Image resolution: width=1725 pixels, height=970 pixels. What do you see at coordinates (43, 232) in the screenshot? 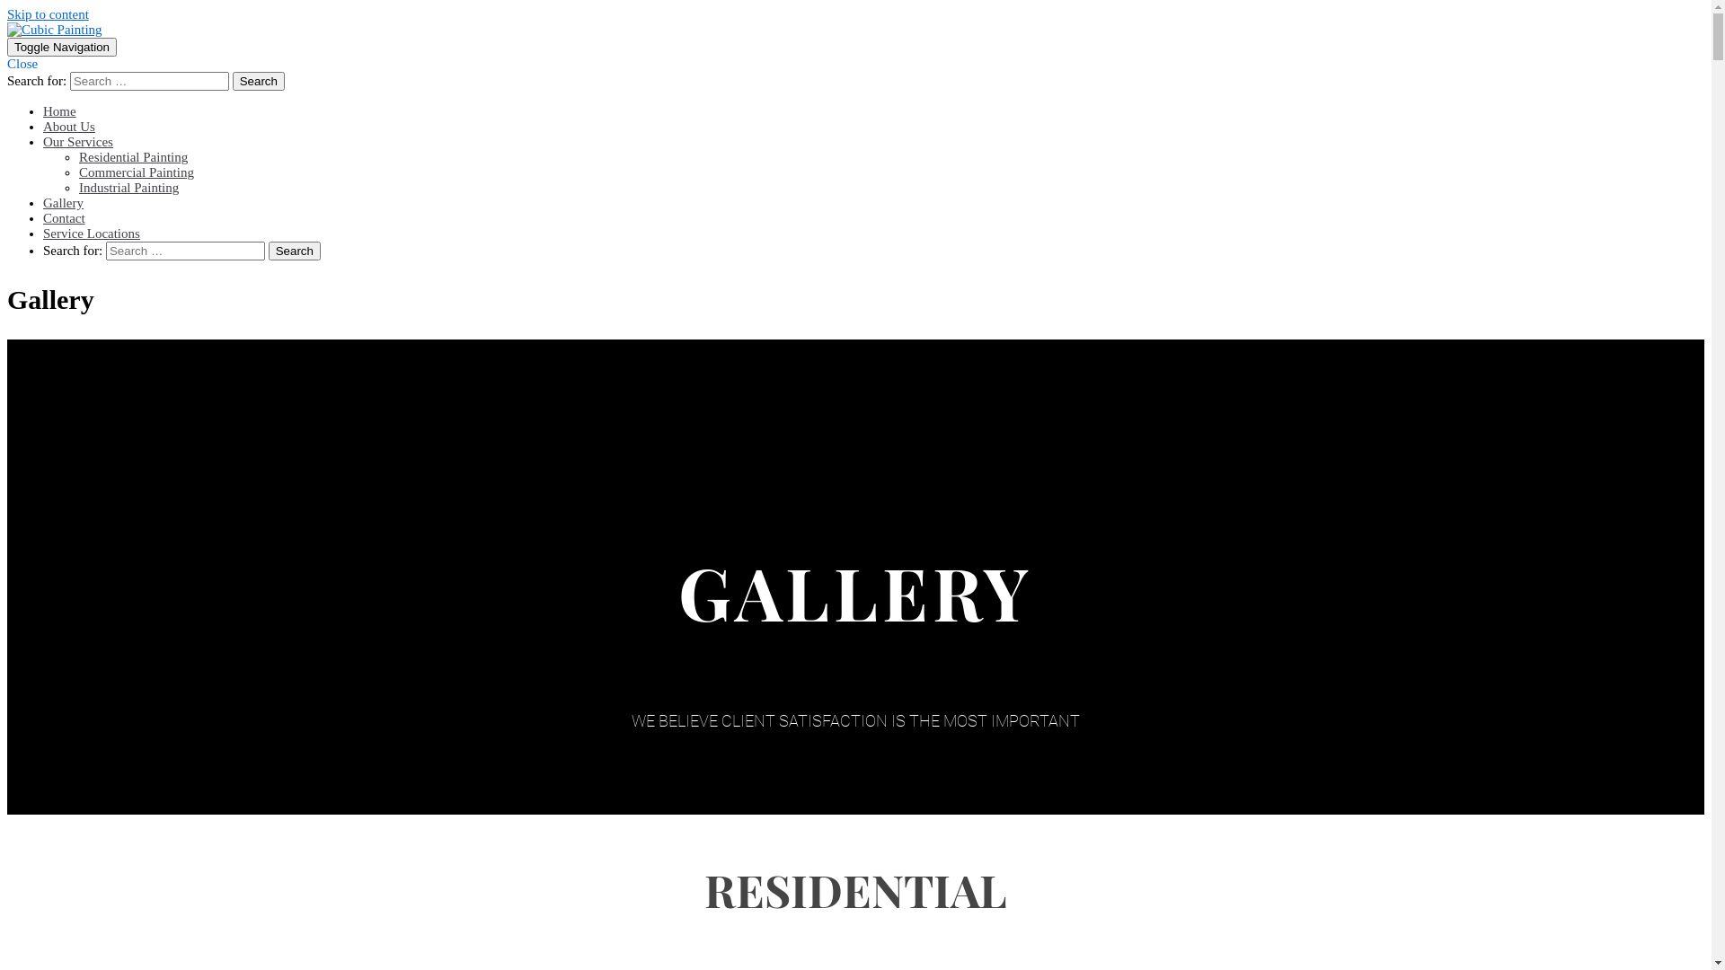
I see `'Service Locations'` at bounding box center [43, 232].